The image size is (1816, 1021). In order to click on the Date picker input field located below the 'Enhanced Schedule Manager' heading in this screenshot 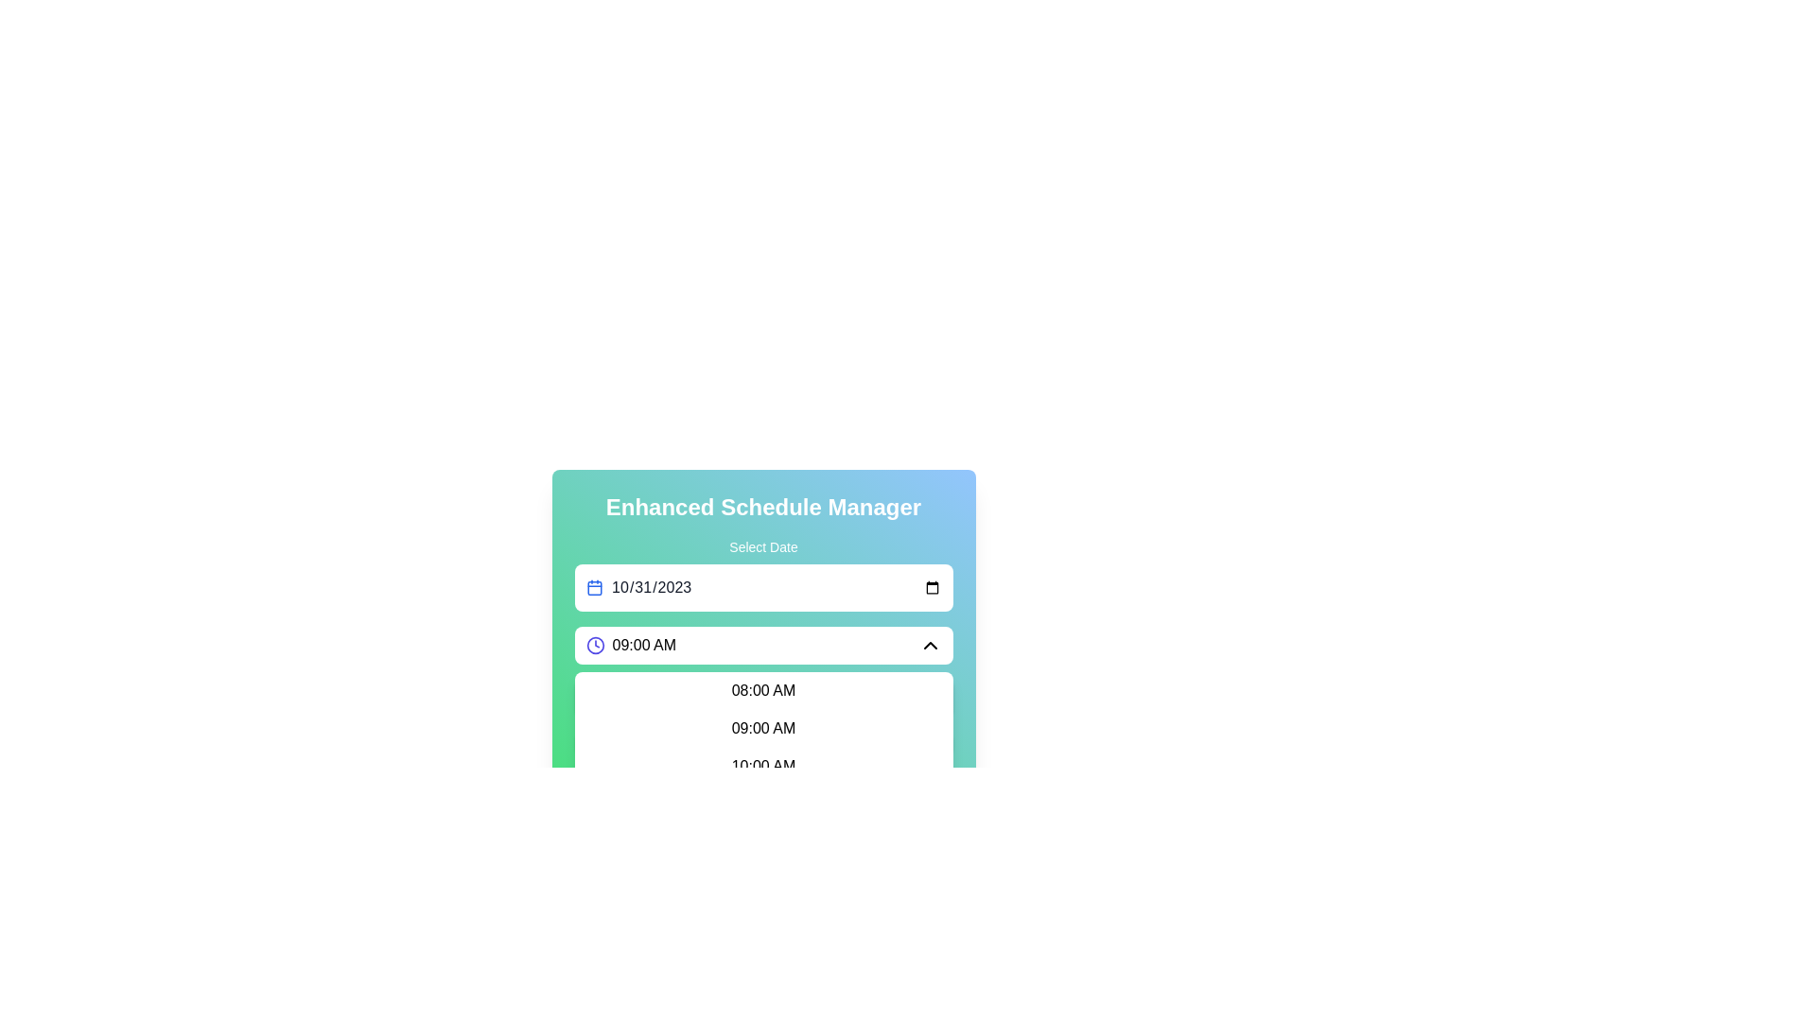, I will do `click(763, 607)`.